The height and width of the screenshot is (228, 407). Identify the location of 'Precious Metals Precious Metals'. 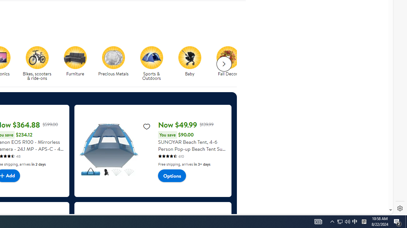
(114, 61).